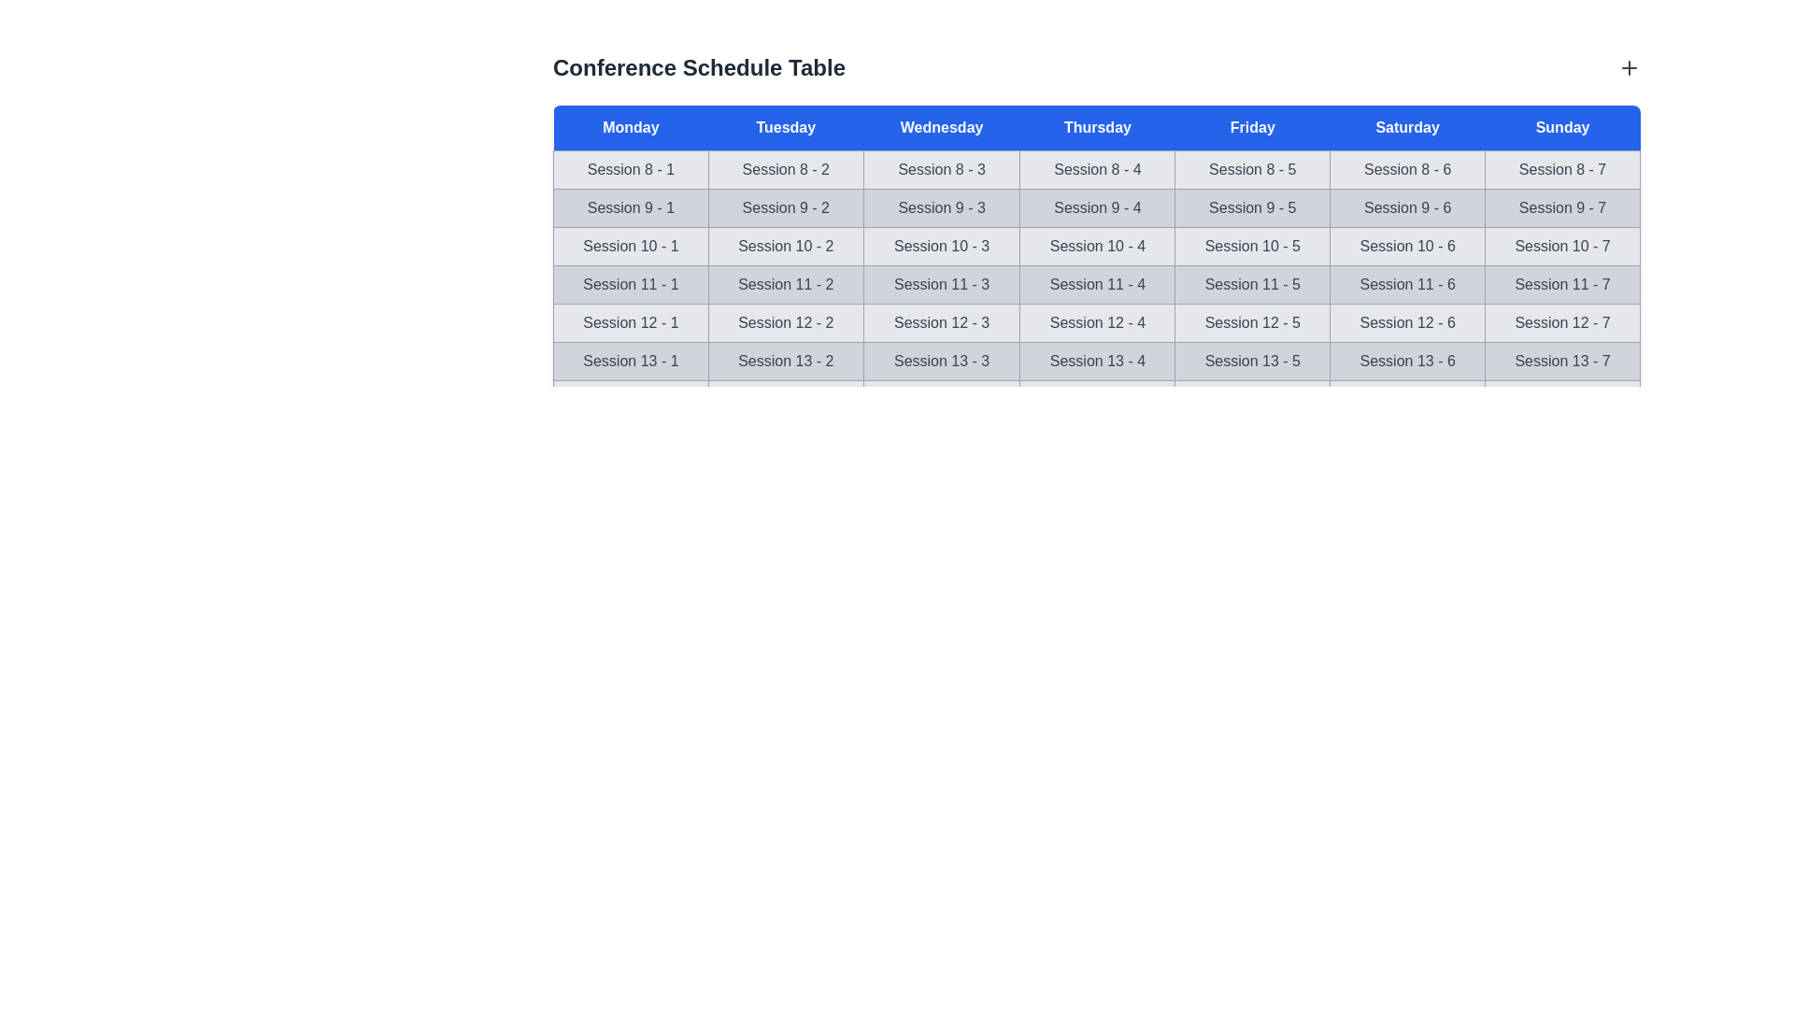 This screenshot has width=1794, height=1009. What do you see at coordinates (942, 127) in the screenshot?
I see `the header for Wednesday to sort or view details` at bounding box center [942, 127].